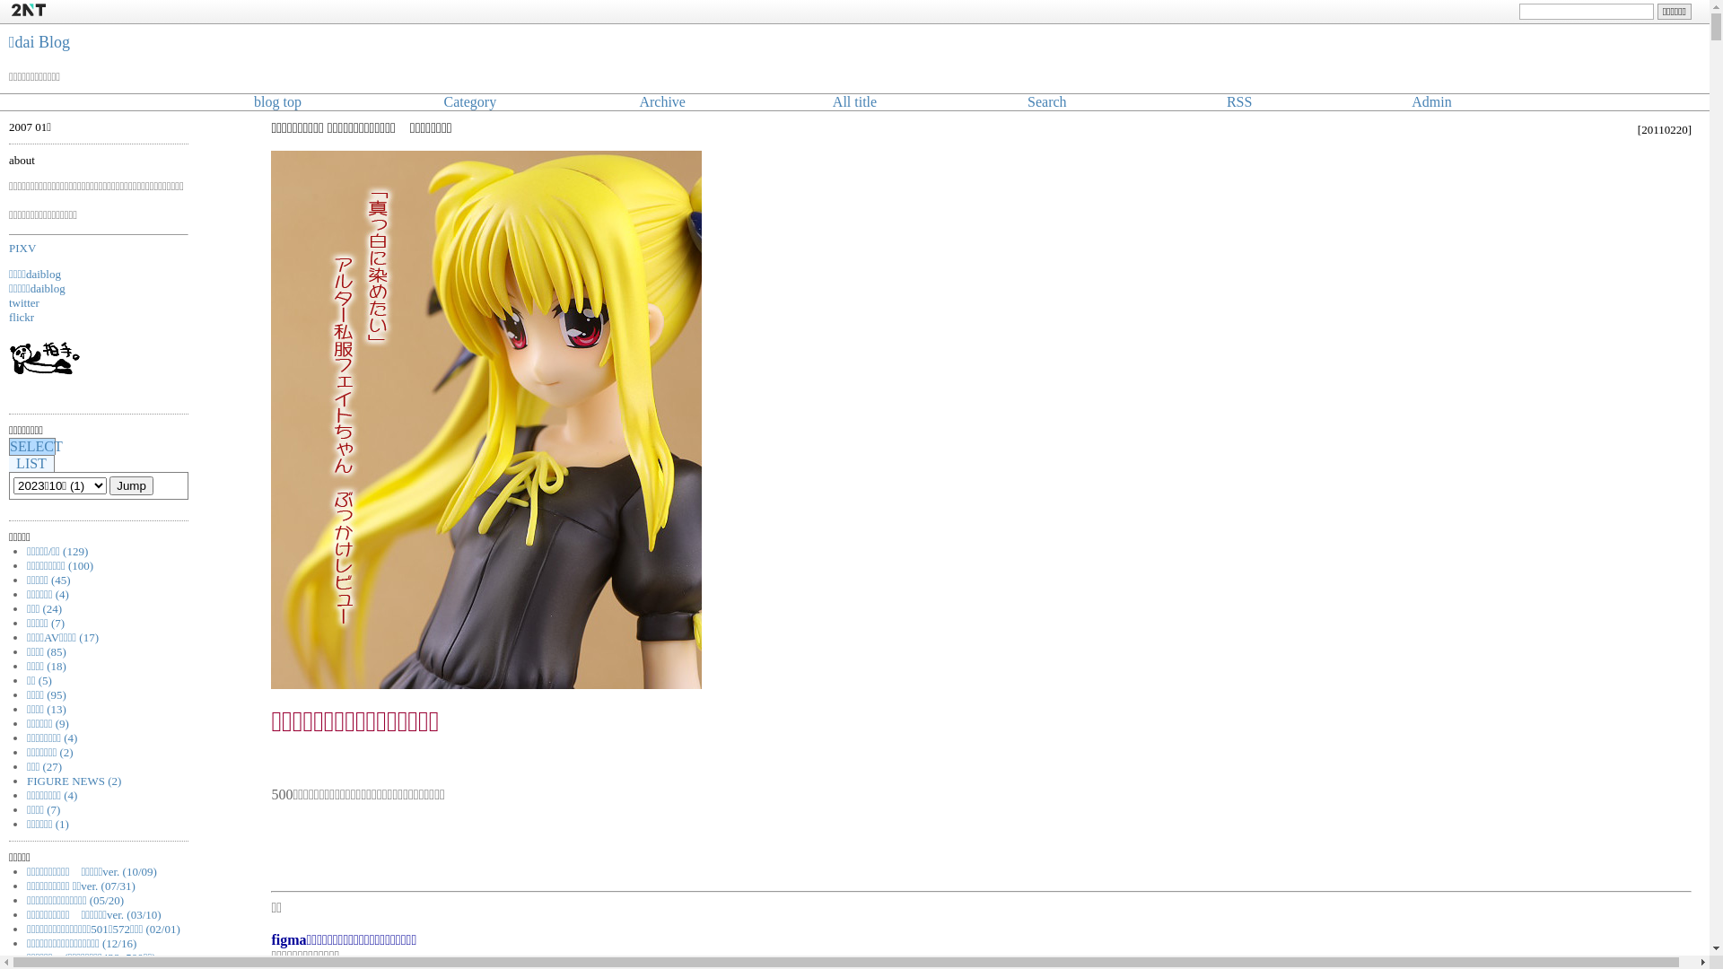 The width and height of the screenshot is (1723, 969). Describe the element at coordinates (1046, 101) in the screenshot. I see `'Search'` at that location.